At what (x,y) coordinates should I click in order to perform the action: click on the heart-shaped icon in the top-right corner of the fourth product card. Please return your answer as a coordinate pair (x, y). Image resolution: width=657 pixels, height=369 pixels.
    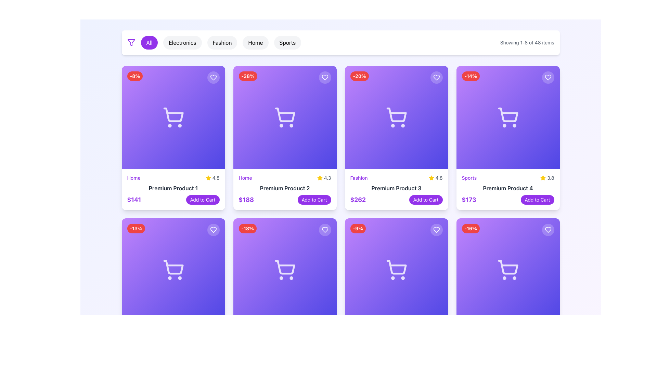
    Looking at the image, I should click on (548, 77).